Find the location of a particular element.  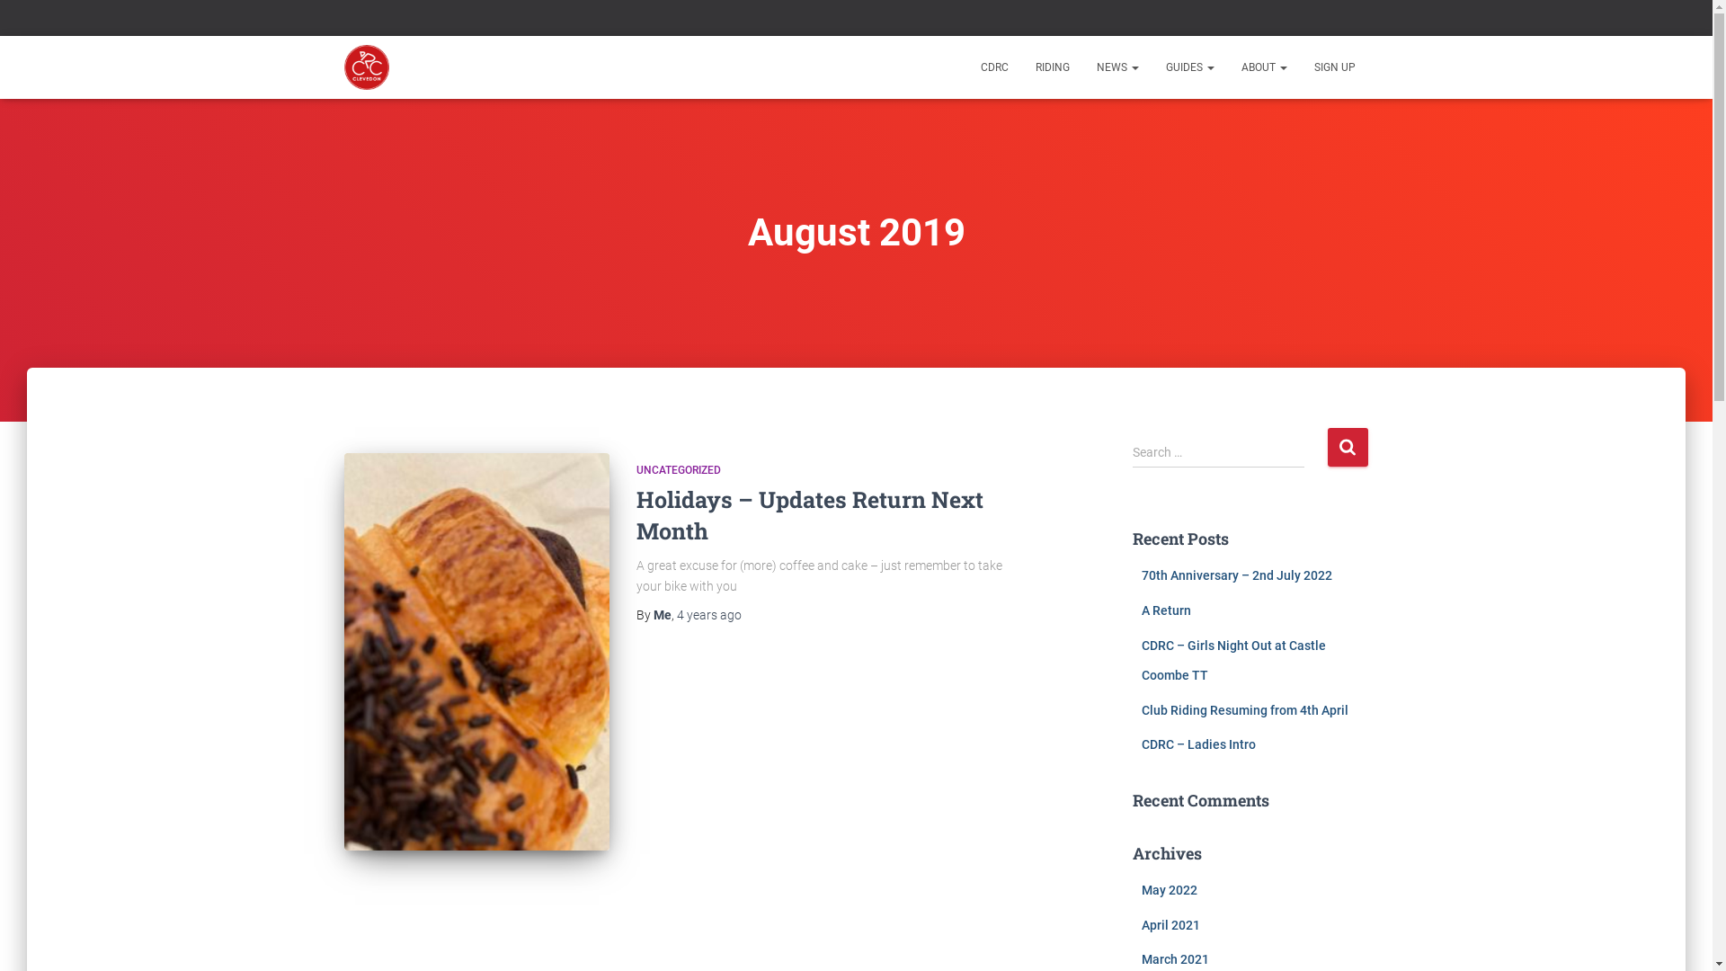

'A Return' is located at coordinates (1166, 609).